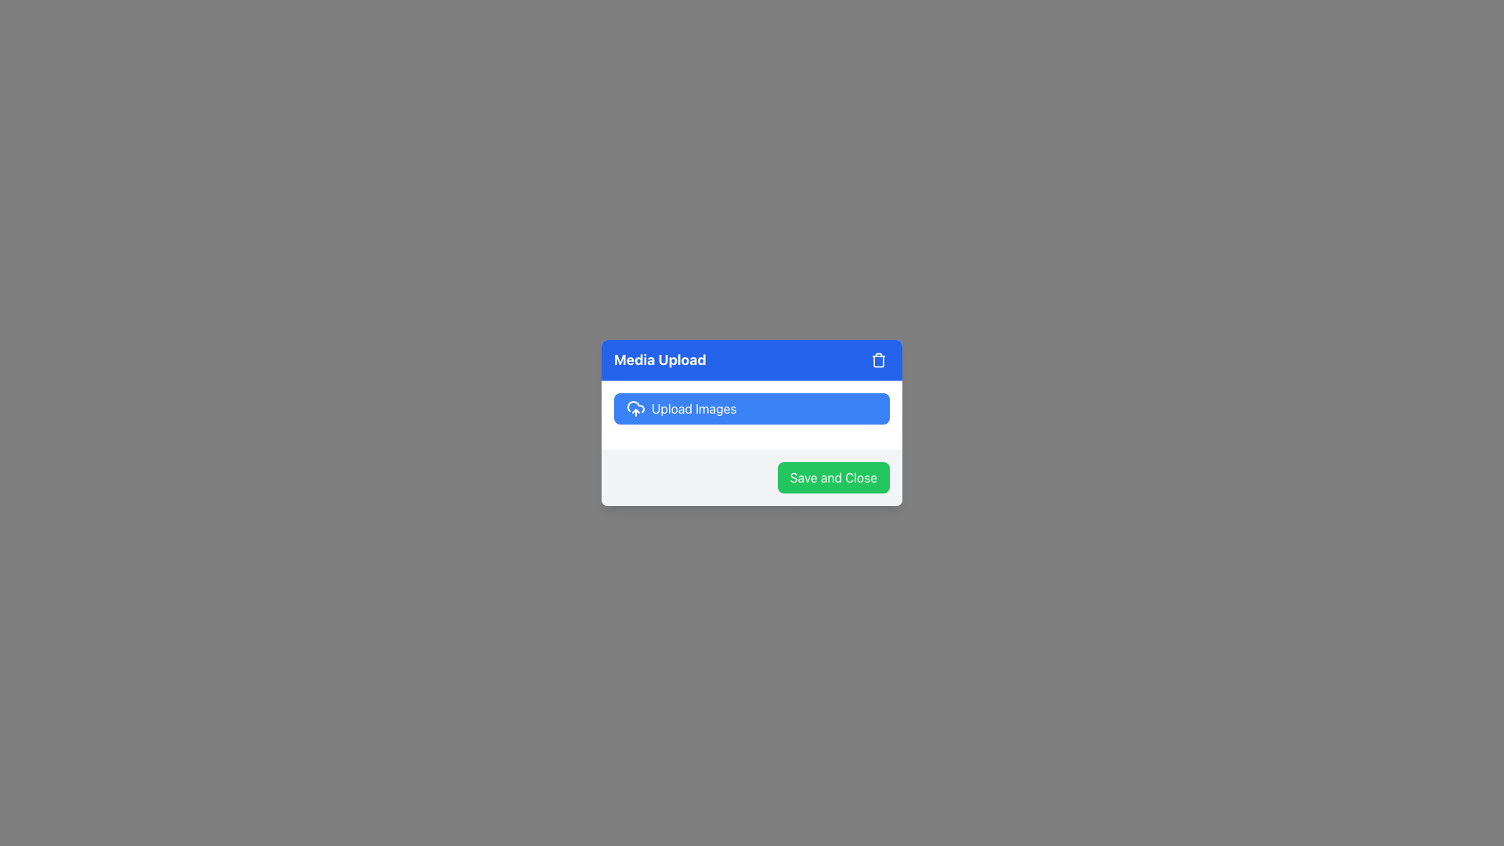  Describe the element at coordinates (879, 360) in the screenshot. I see `the delete button located in the top-right corner of the 'Media Upload' modal to visualize hover effects` at that location.